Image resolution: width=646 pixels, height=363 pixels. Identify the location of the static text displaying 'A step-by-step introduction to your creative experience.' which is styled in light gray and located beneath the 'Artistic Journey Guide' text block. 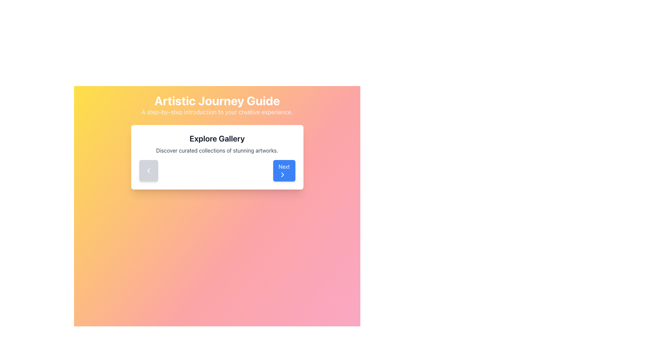
(217, 112).